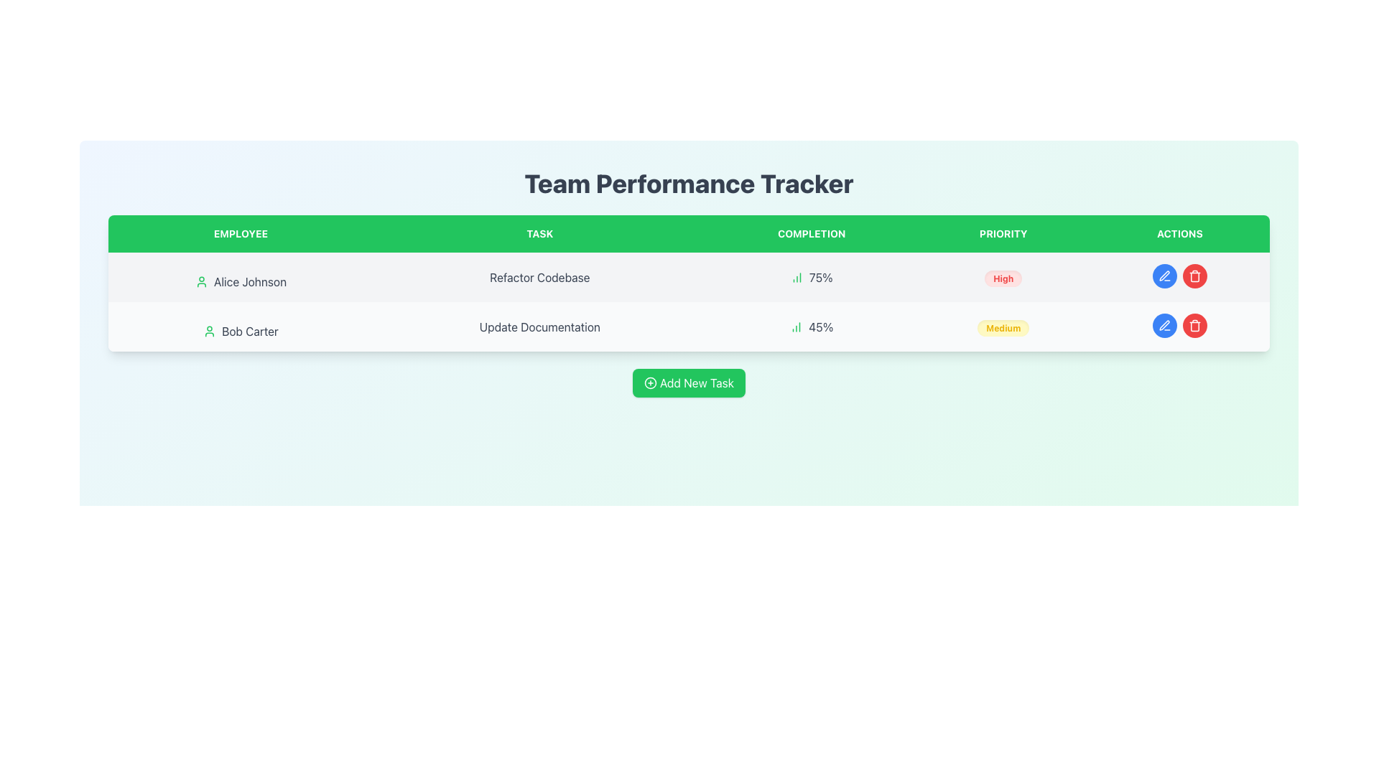 The height and width of the screenshot is (775, 1379). What do you see at coordinates (1003, 278) in the screenshot?
I see `the 'High' label in the 'Priority' column, which is styled with bold red text on a light red background and emphasizes urgency` at bounding box center [1003, 278].